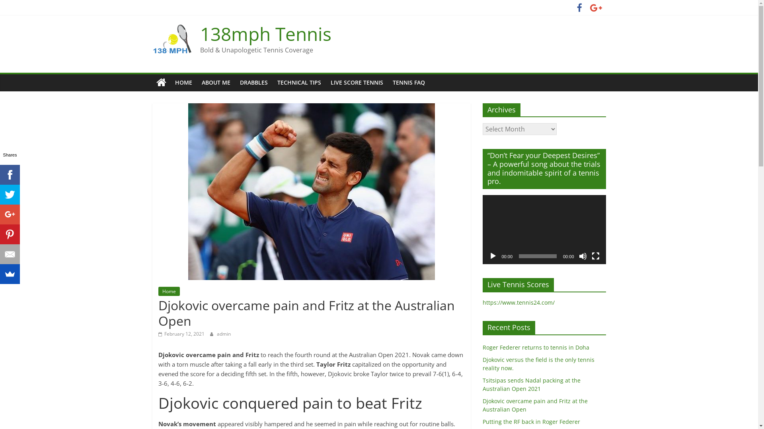 Image resolution: width=764 pixels, height=429 pixels. I want to click on 'Roger Federer returns to tennis in Doha', so click(481, 347).